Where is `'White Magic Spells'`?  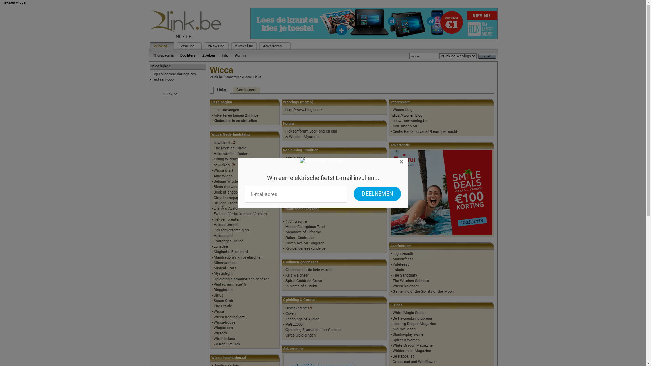 'White Magic Spells' is located at coordinates (409, 313).